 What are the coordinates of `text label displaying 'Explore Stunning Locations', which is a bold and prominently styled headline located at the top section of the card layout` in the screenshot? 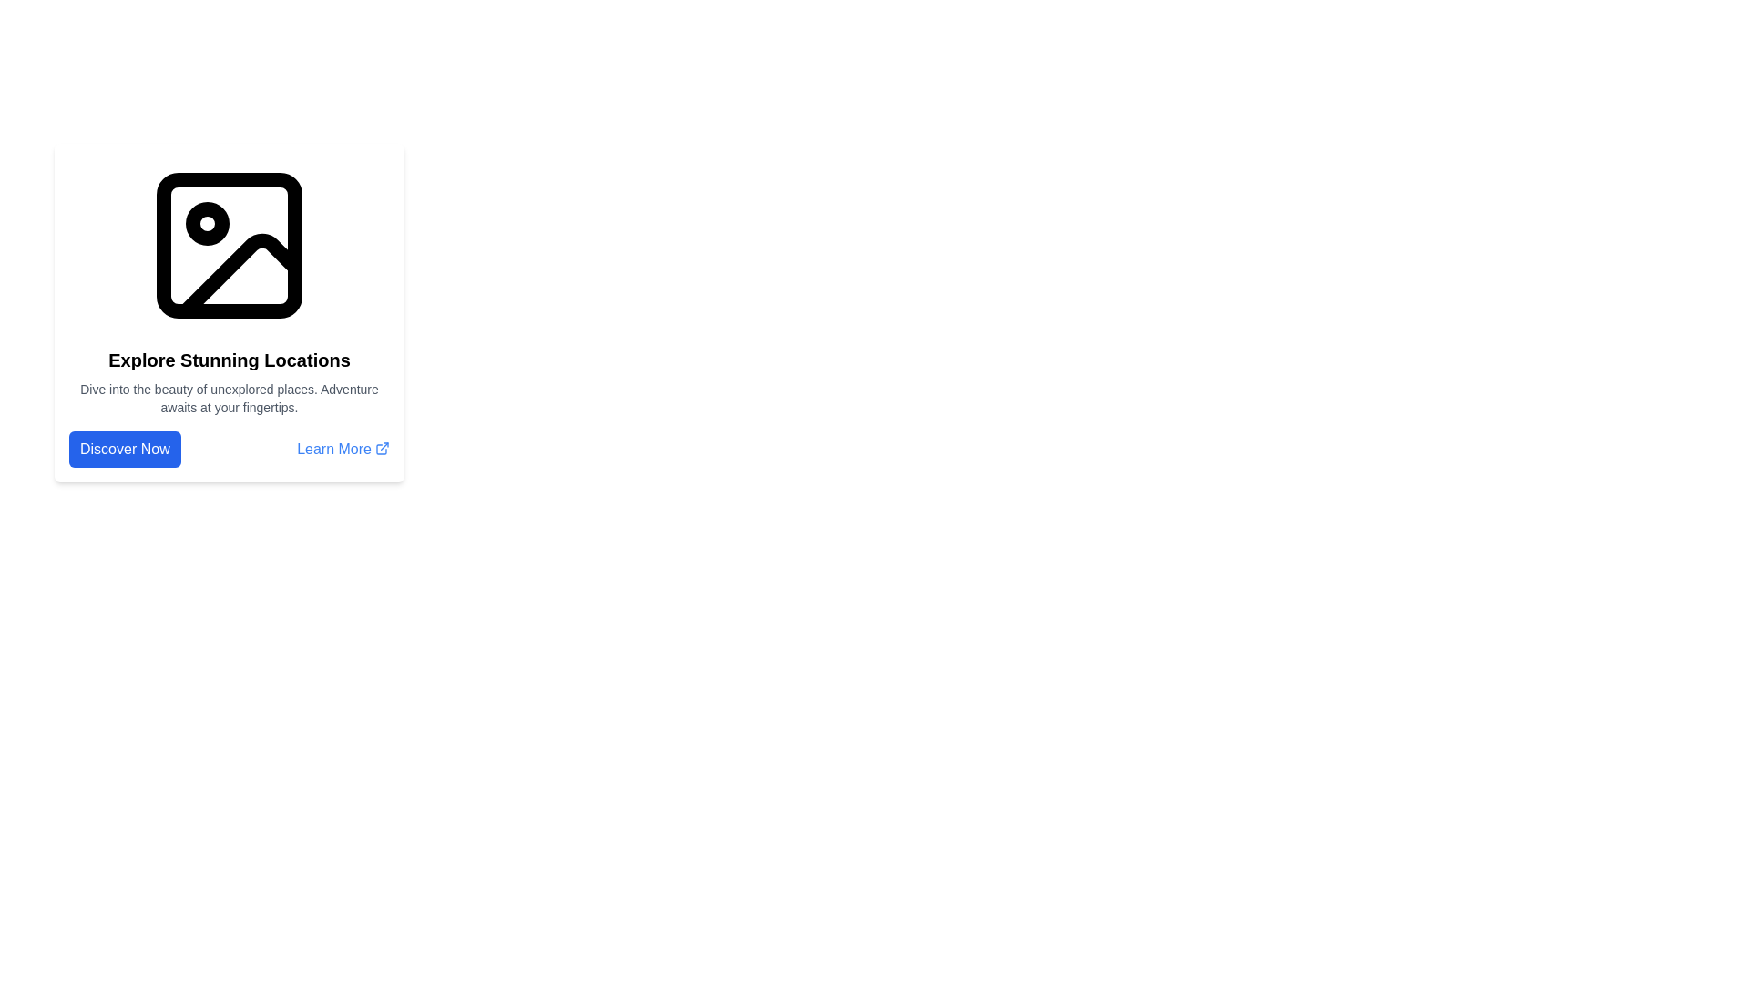 It's located at (229, 360).